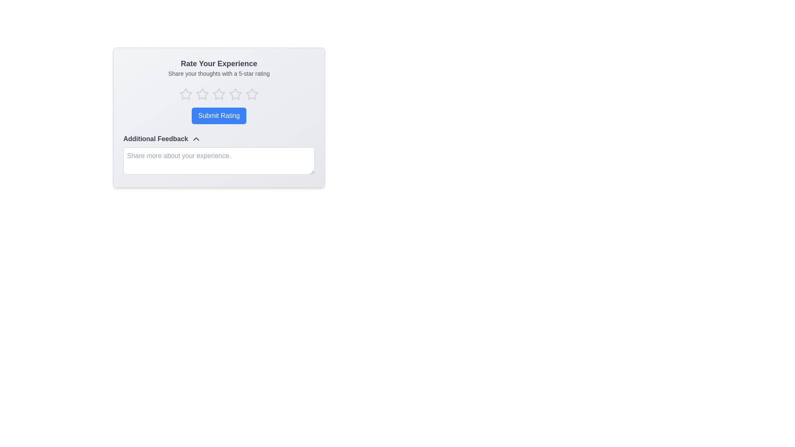  Describe the element at coordinates (185, 94) in the screenshot. I see `the first interactive star icon in the 'Rate Your Experience' section` at that location.